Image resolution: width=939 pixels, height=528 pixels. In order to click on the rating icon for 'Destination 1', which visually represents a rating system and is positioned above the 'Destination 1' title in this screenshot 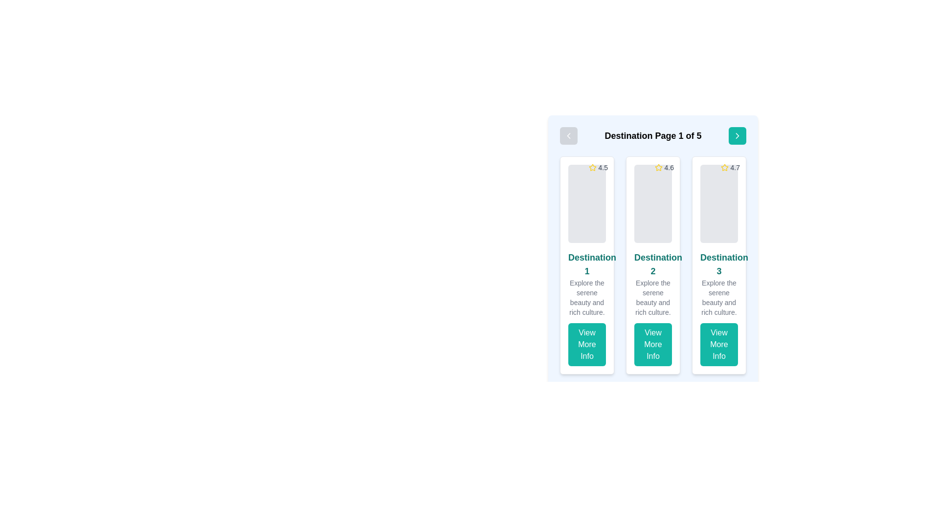, I will do `click(592, 167)`.